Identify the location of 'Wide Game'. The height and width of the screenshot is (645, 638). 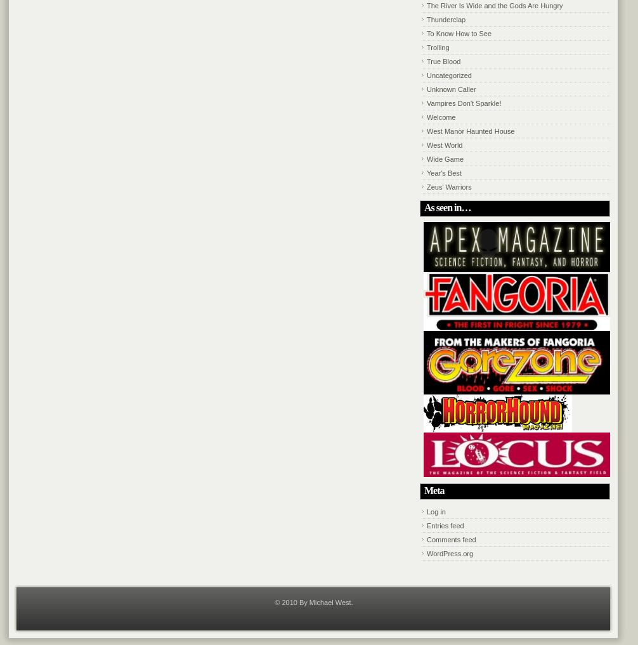
(427, 157).